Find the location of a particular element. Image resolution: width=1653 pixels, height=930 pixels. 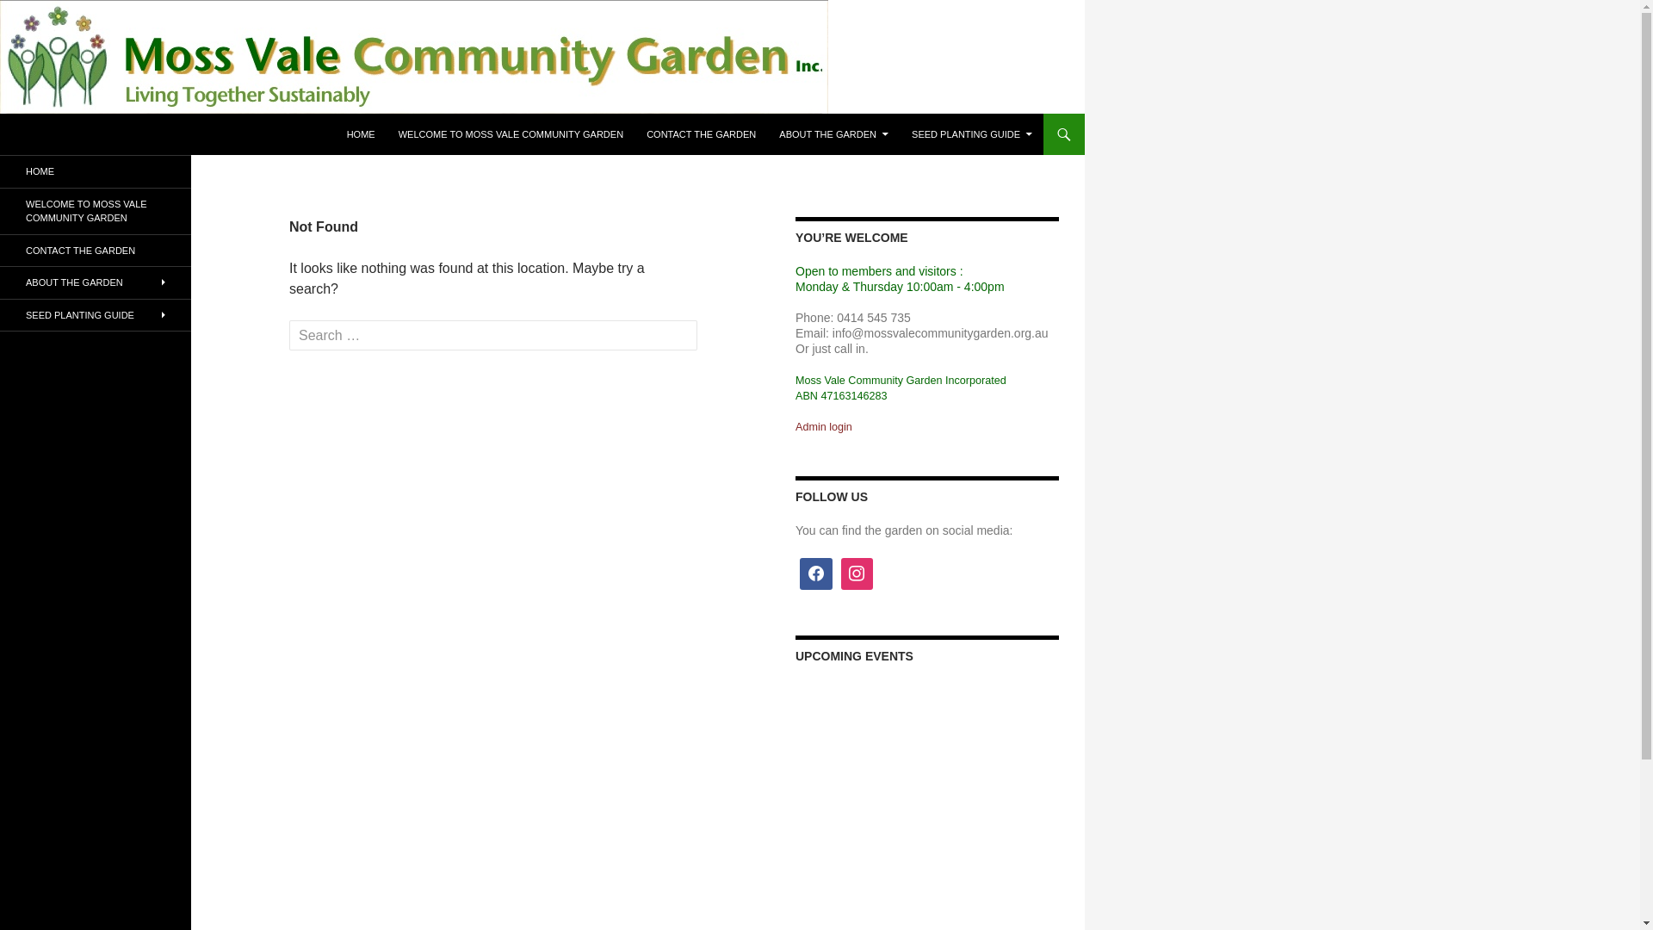

'HOME' is located at coordinates (360, 133).